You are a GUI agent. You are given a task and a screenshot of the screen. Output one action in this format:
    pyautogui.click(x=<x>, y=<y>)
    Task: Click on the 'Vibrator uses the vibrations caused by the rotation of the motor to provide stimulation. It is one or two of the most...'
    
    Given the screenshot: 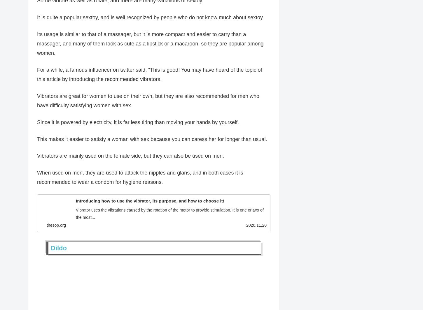 What is the action you would take?
    pyautogui.click(x=169, y=216)
    